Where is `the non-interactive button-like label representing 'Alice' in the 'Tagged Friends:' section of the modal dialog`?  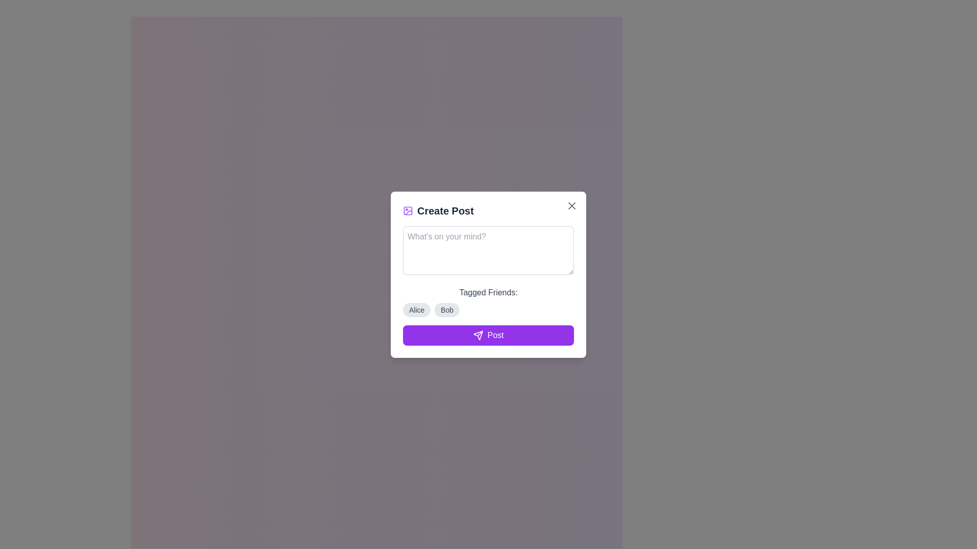 the non-interactive button-like label representing 'Alice' in the 'Tagged Friends:' section of the modal dialog is located at coordinates (417, 309).